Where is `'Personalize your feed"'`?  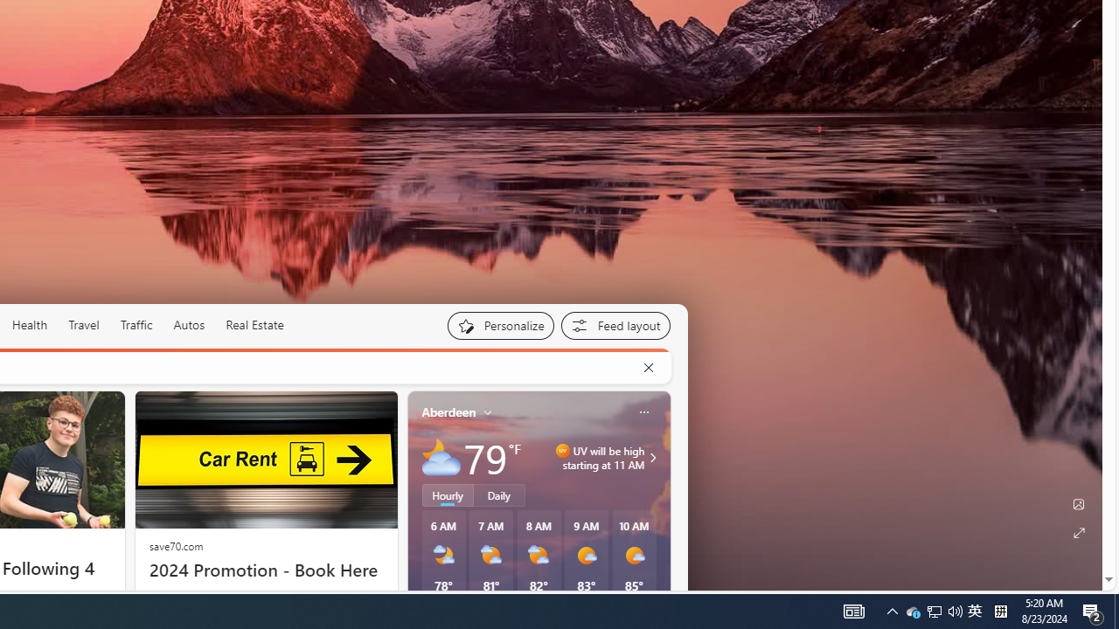
'Personalize your feed"' is located at coordinates (499, 325).